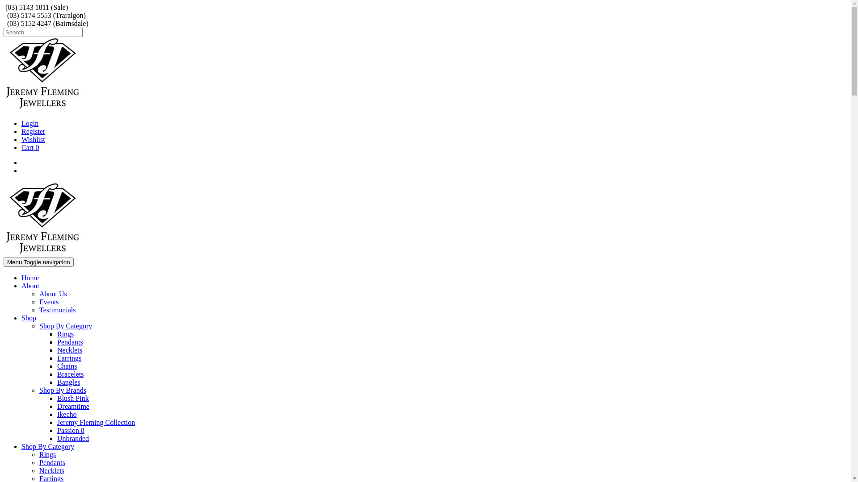 The height and width of the screenshot is (482, 858). I want to click on 'Unbranded', so click(73, 438).